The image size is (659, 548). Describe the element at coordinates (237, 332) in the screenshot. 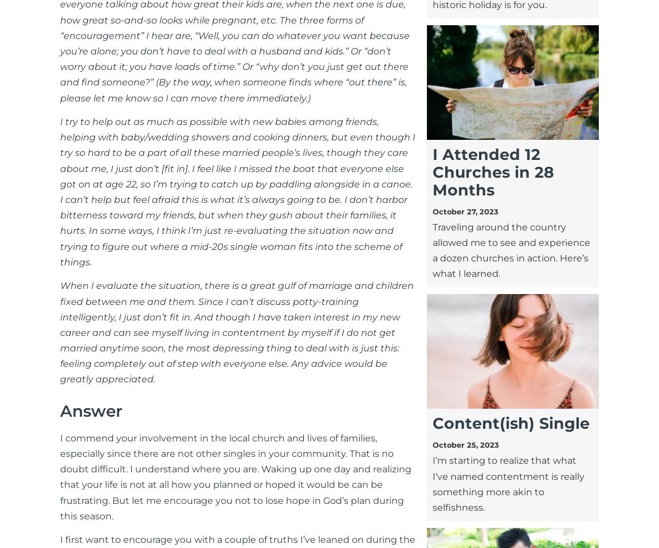

I see `'When I evaluate the situation, there is a great gulf of marriage and children fixed between me and them. Since I can’t discuss potty-training intelligently, I just don’t fit in. And though I have taken interest in my new career and can see myself living in contentment by myself if I do not get married anytime soon, the most depressing thing to deal with is just this: feeling completely out of step with everyone else. Any advice would be greatly appreciated.'` at that location.